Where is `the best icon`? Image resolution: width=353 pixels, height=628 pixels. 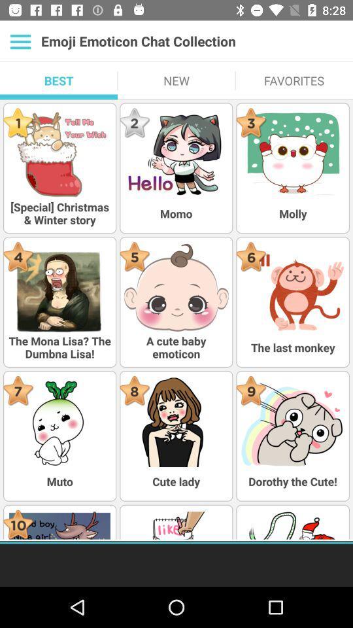
the best icon is located at coordinates (58, 80).